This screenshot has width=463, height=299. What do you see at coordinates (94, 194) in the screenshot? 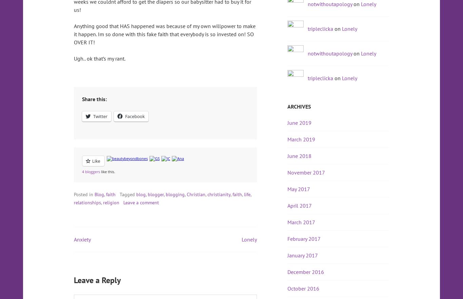
I see `'Blog'` at bounding box center [94, 194].